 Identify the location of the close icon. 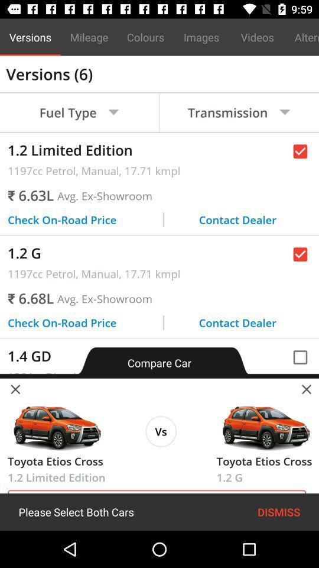
(15, 388).